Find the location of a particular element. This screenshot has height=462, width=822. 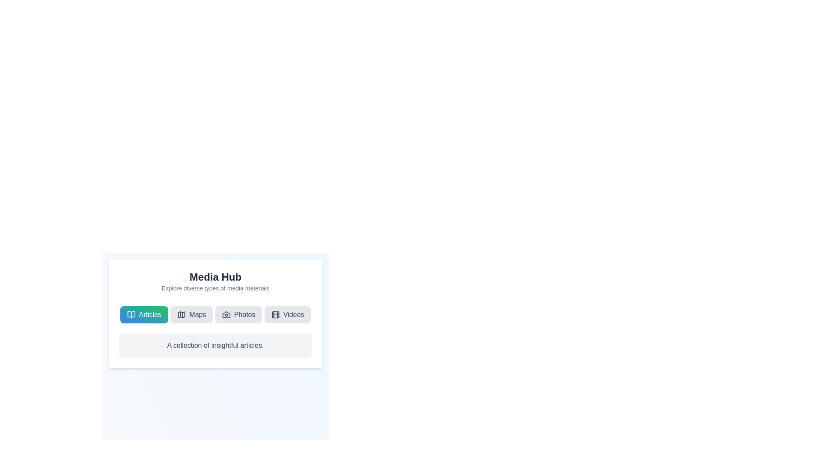

the 'Videos' icon, which is the leftmost component inside the button labeled 'Videos' in the Media Hub section is located at coordinates (275, 315).